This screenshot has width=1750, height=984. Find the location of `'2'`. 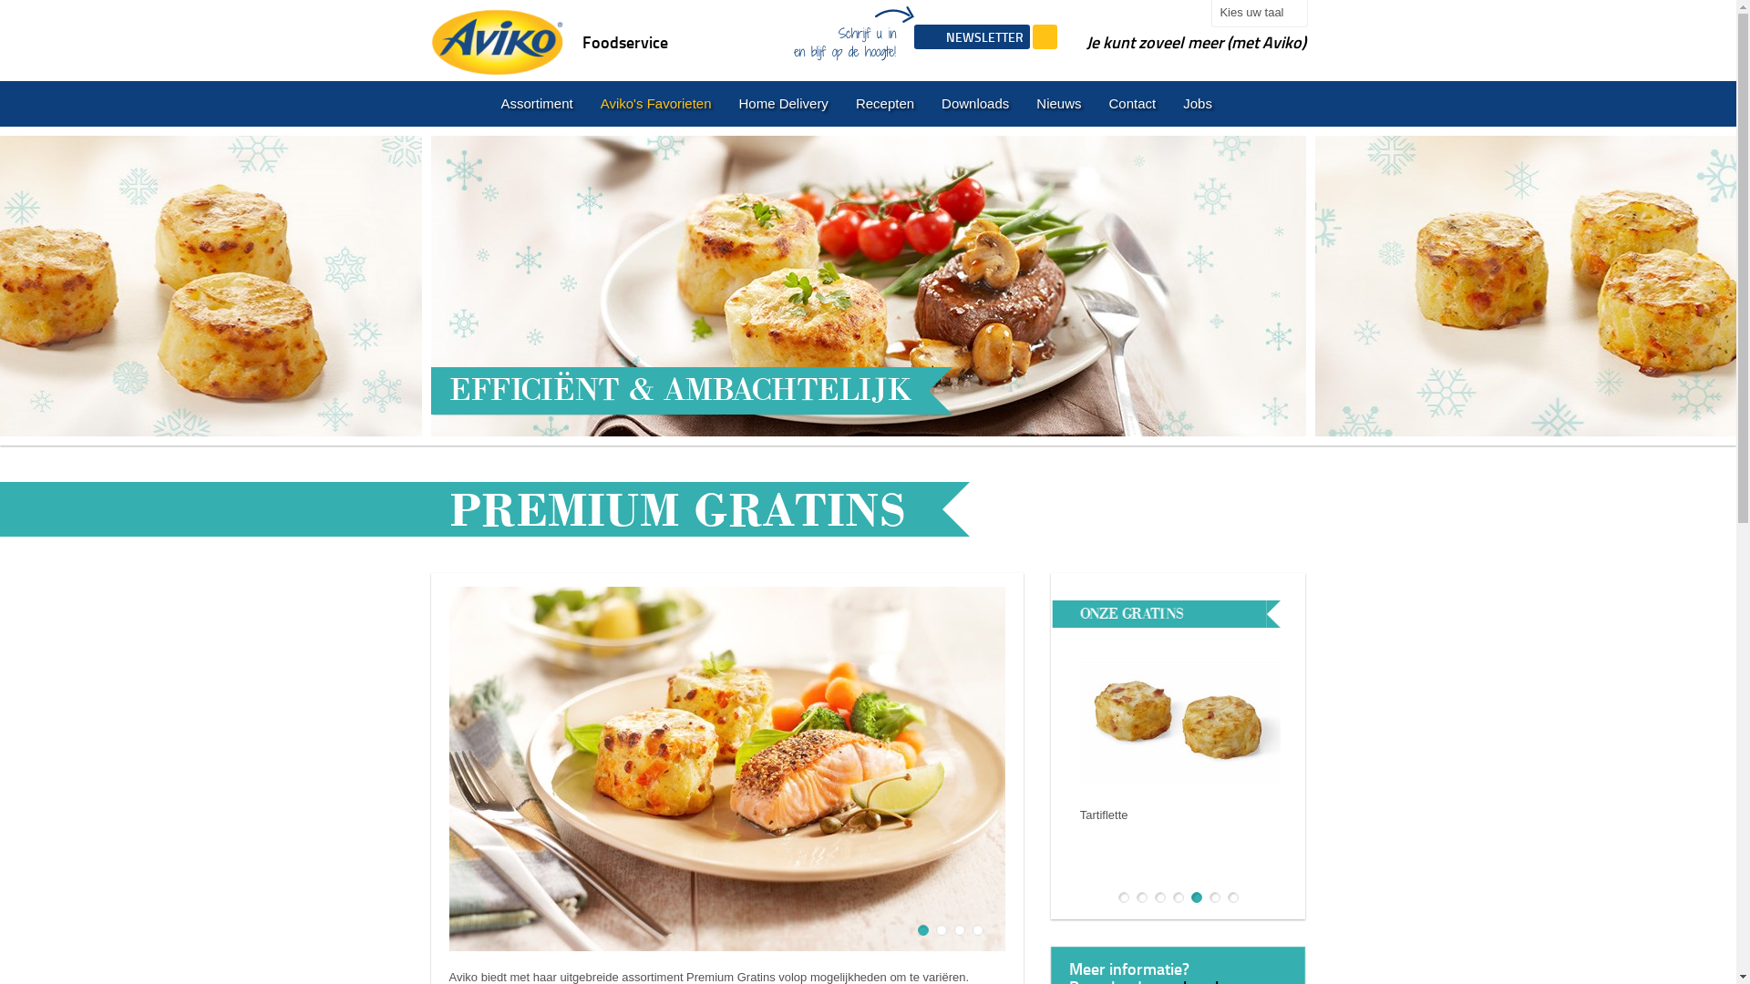

'2' is located at coordinates (1140, 896).